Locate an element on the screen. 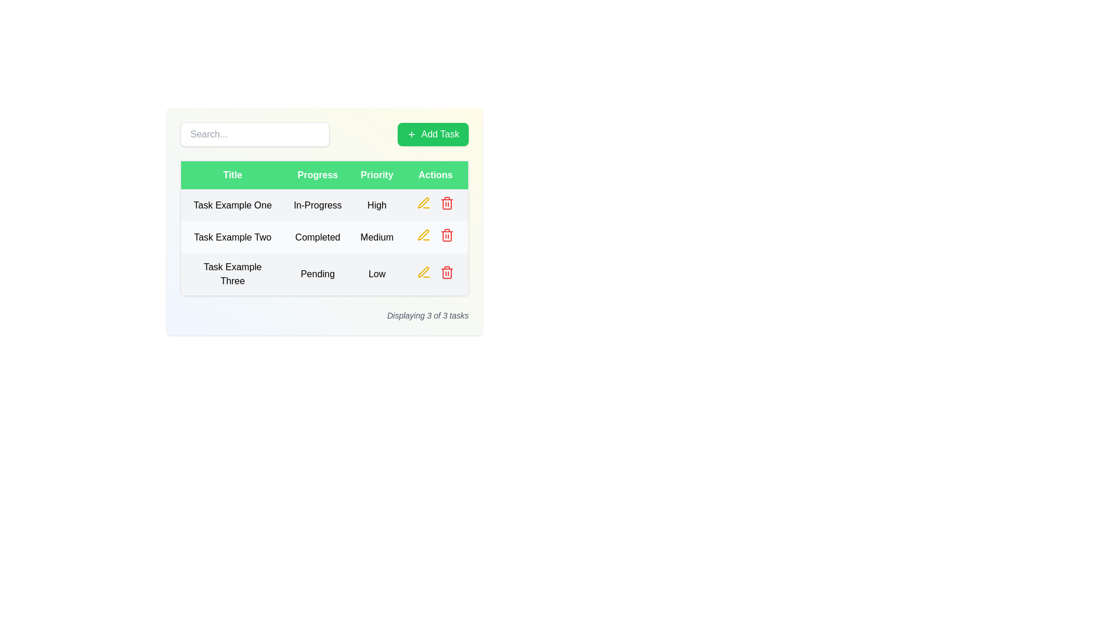  the green 'Add Task' button with a white plus icon is located at coordinates (433, 134).